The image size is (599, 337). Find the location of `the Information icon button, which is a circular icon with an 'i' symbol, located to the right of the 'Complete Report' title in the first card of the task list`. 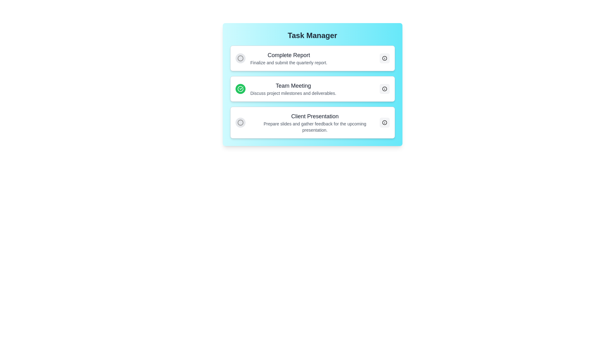

the Information icon button, which is a circular icon with an 'i' symbol, located to the right of the 'Complete Report' title in the first card of the task list is located at coordinates (384, 58).